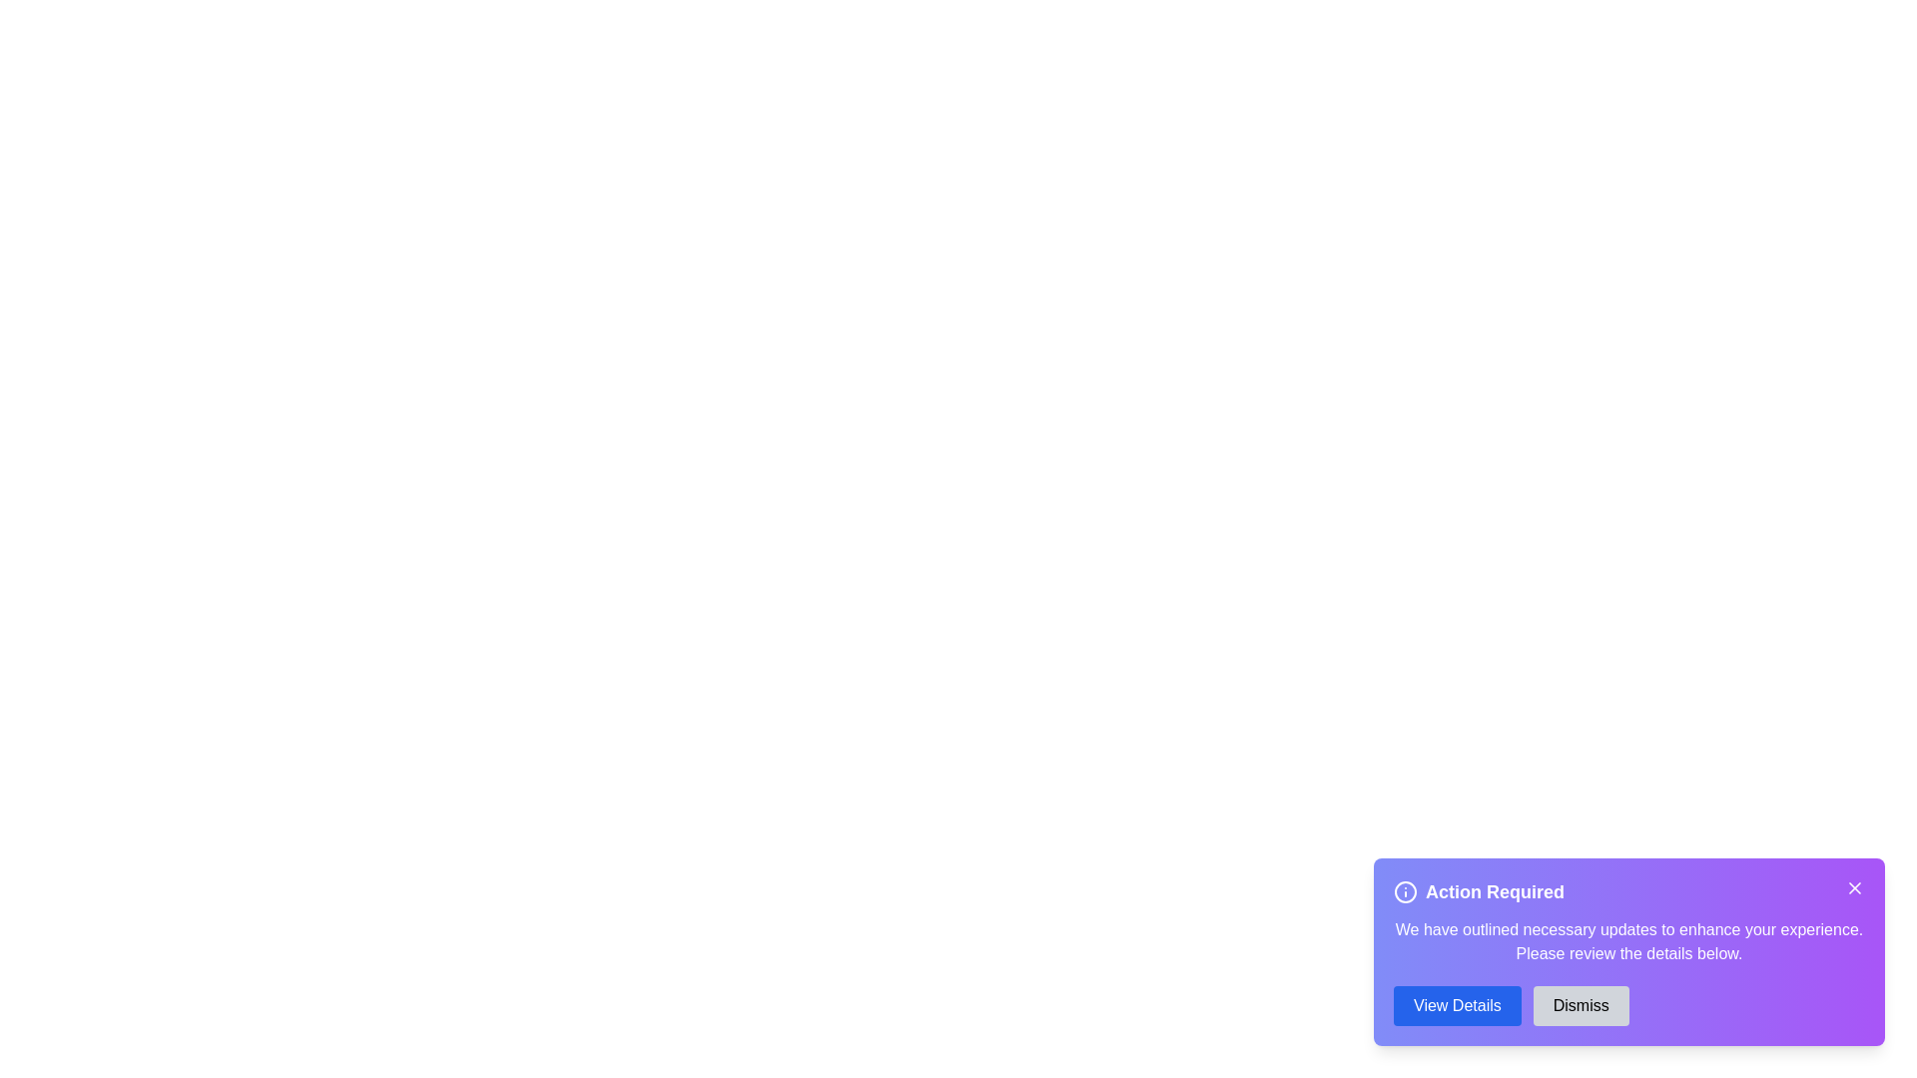  I want to click on the info icon to display additional context, so click(1404, 891).